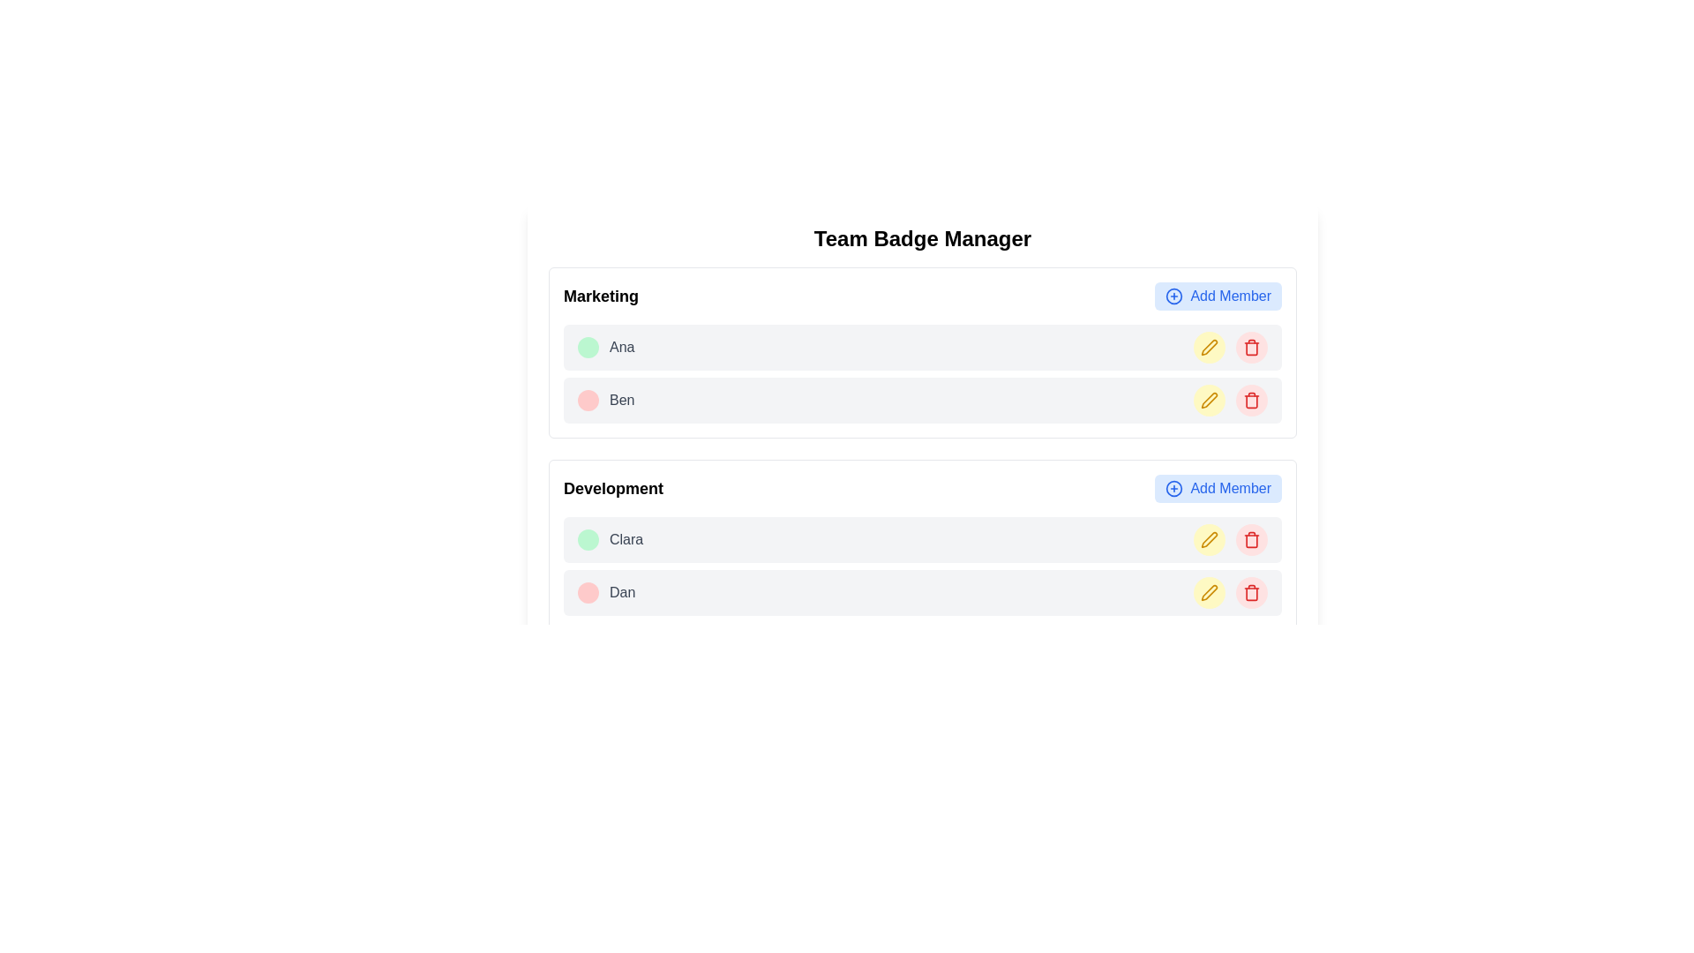 The image size is (1694, 953). Describe the element at coordinates (622, 347) in the screenshot. I see `the non-interactive text label displaying 'Ana' in the 'Marketing' section of the page` at that location.